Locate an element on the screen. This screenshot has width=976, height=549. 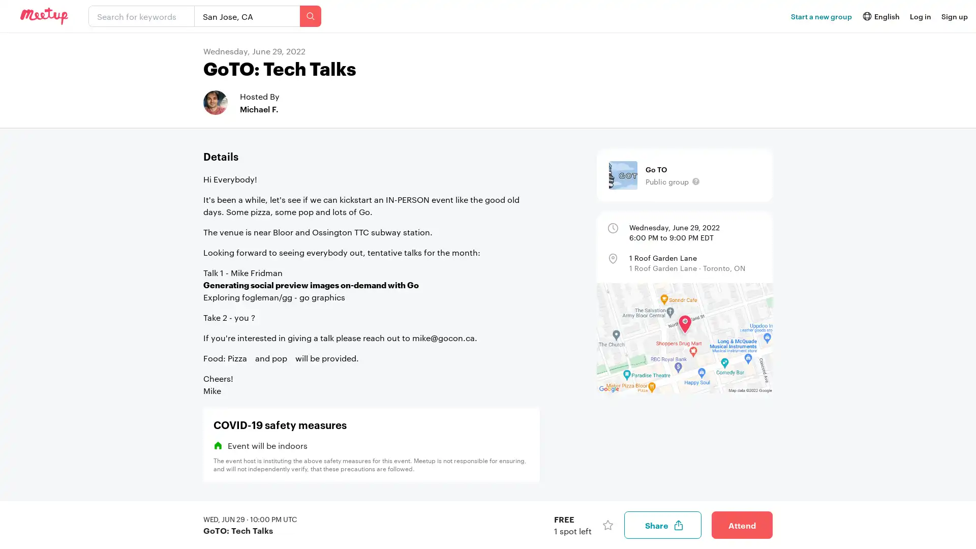
Attend is located at coordinates (742, 525).